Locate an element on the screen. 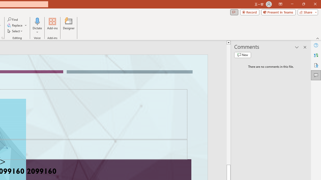 The height and width of the screenshot is (180, 321). 'Restore Down' is located at coordinates (303, 4).